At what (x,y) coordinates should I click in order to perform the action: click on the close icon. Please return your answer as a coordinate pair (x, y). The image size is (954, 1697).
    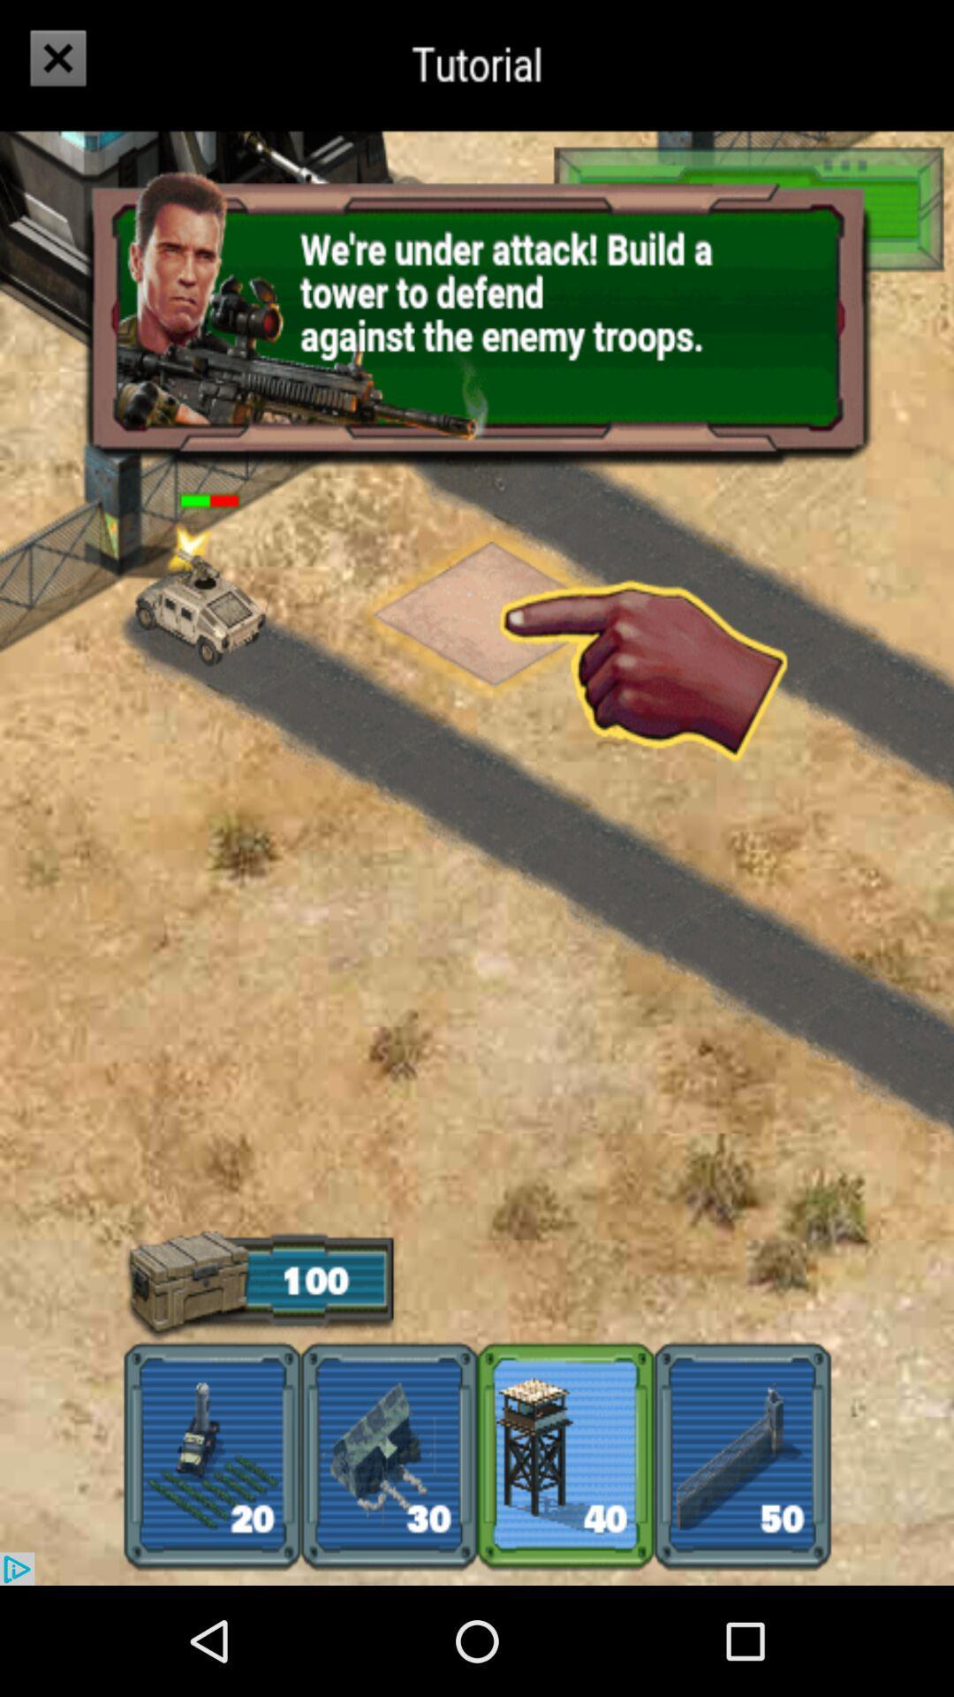
    Looking at the image, I should click on (68, 73).